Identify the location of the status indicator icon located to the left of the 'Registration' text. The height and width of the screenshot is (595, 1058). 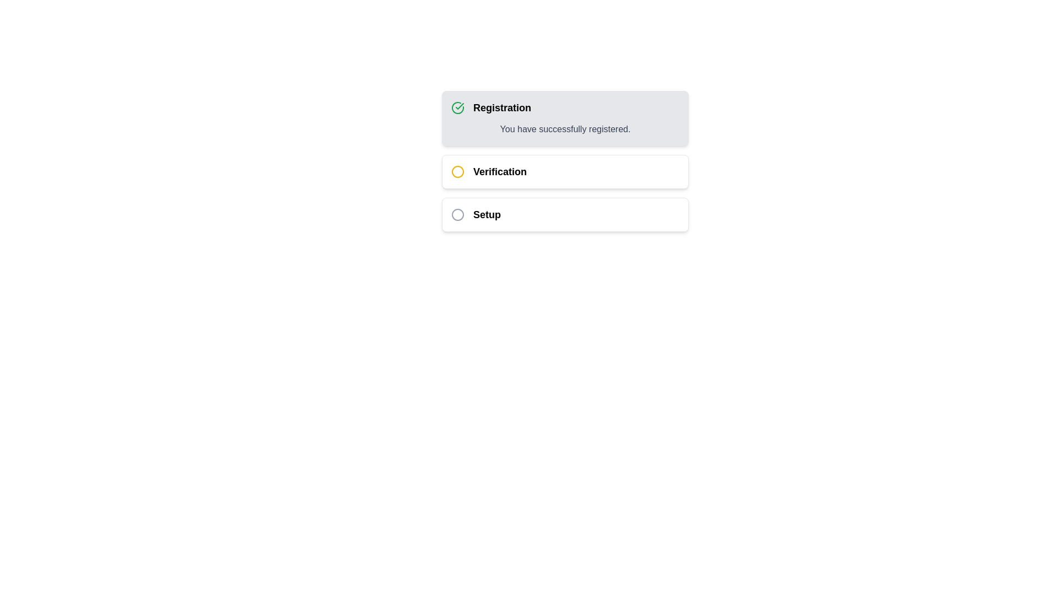
(457, 108).